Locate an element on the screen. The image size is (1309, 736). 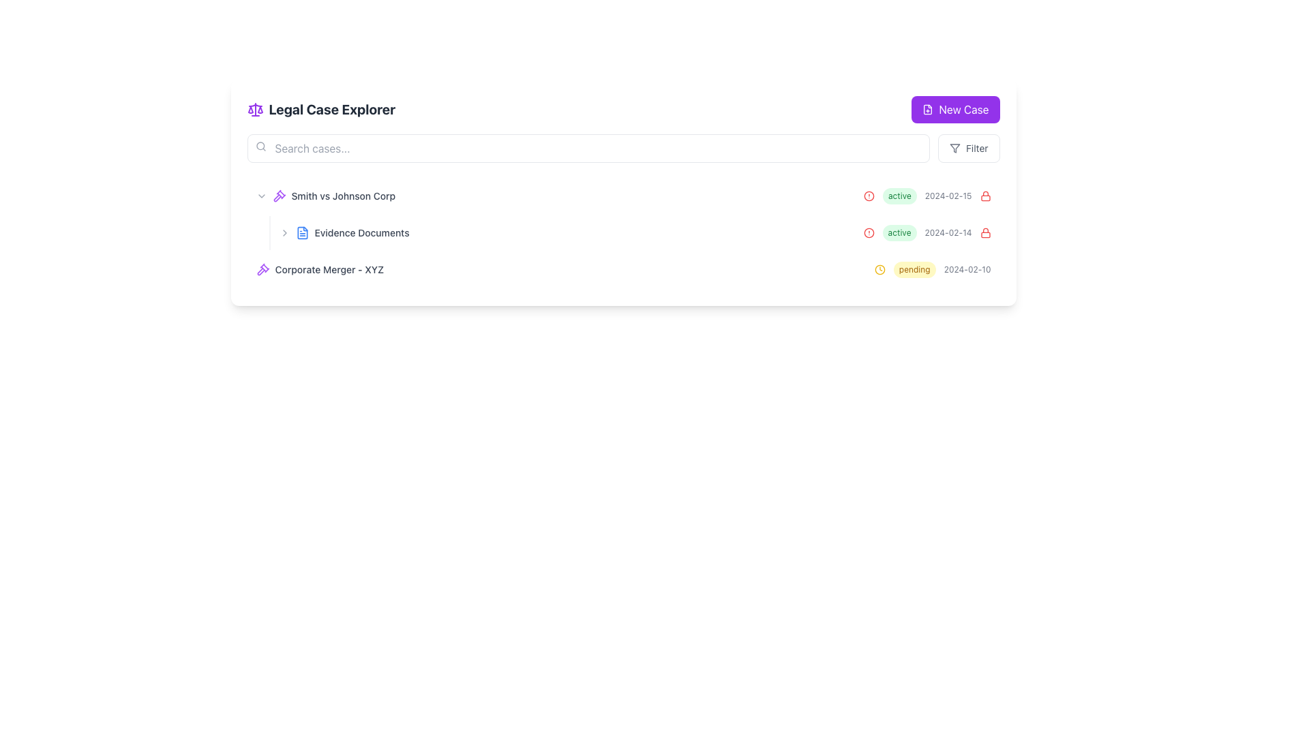
the SVG circle that serves as a visual alert indicator, located near the green 'active' indicator and lock icon in the list or table row with case details is located at coordinates (868, 196).